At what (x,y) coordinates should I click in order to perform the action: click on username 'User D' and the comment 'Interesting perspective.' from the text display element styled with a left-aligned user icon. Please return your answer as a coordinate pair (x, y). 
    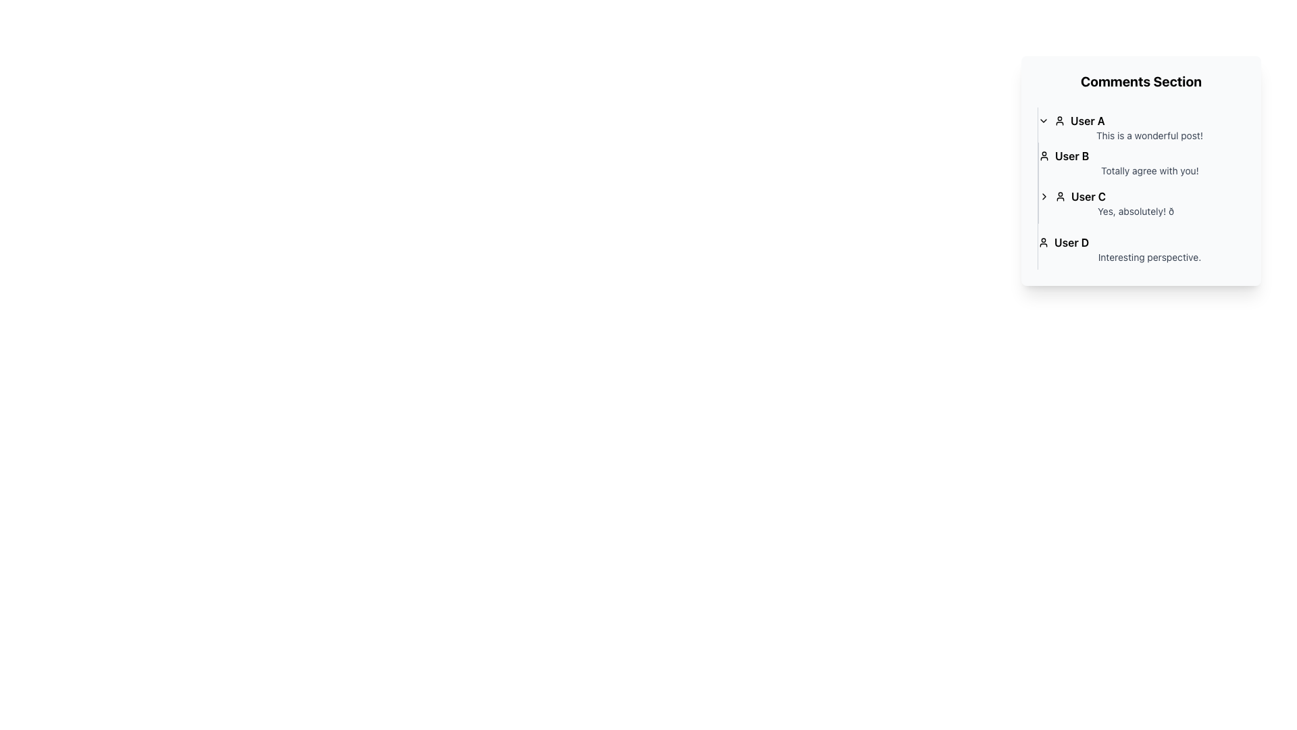
    Looking at the image, I should click on (1140, 249).